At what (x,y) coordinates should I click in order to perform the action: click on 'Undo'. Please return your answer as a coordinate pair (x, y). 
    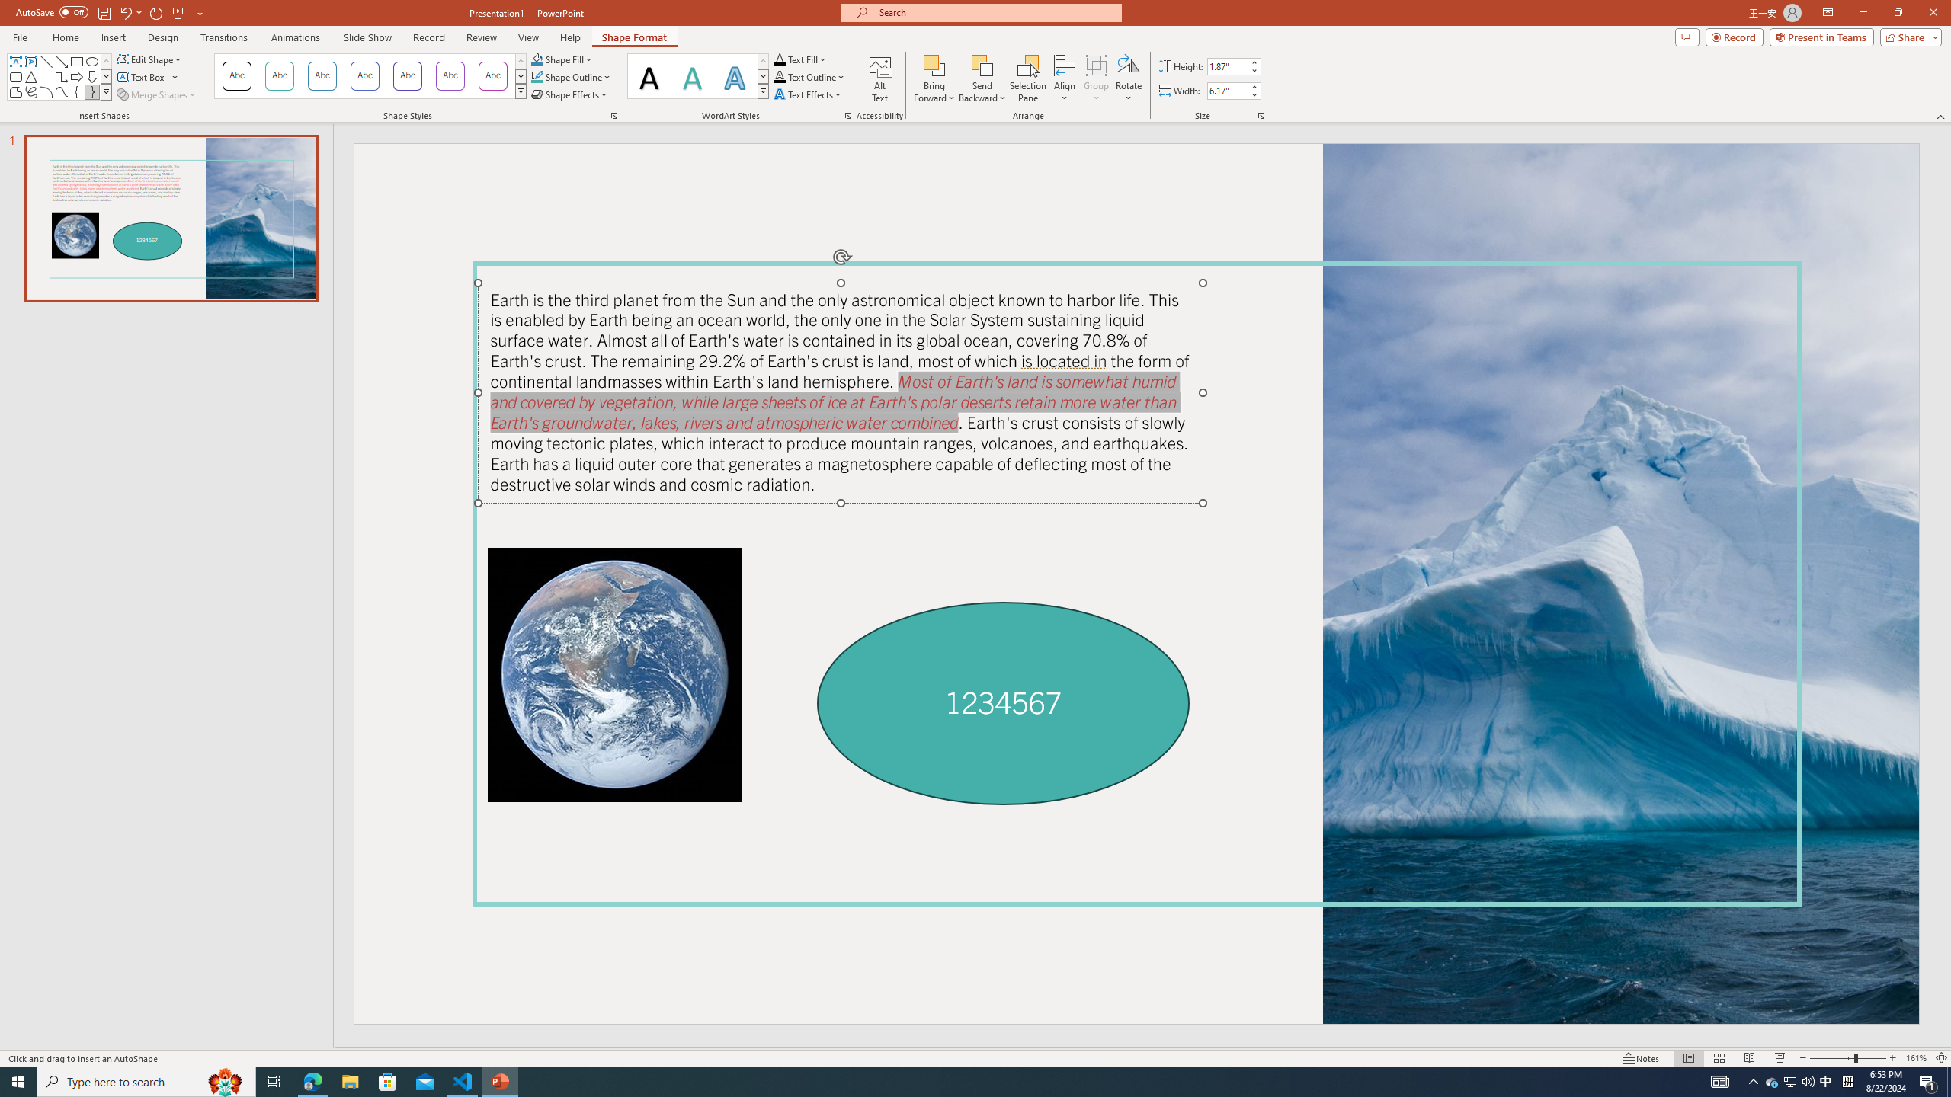
    Looking at the image, I should click on (130, 11).